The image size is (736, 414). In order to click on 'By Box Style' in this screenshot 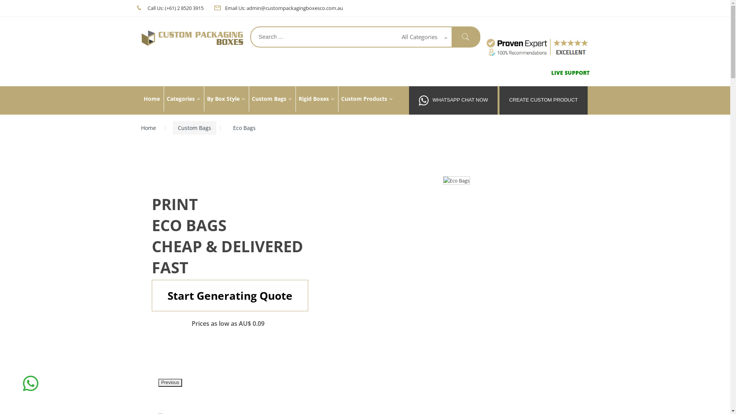, I will do `click(204, 99)`.